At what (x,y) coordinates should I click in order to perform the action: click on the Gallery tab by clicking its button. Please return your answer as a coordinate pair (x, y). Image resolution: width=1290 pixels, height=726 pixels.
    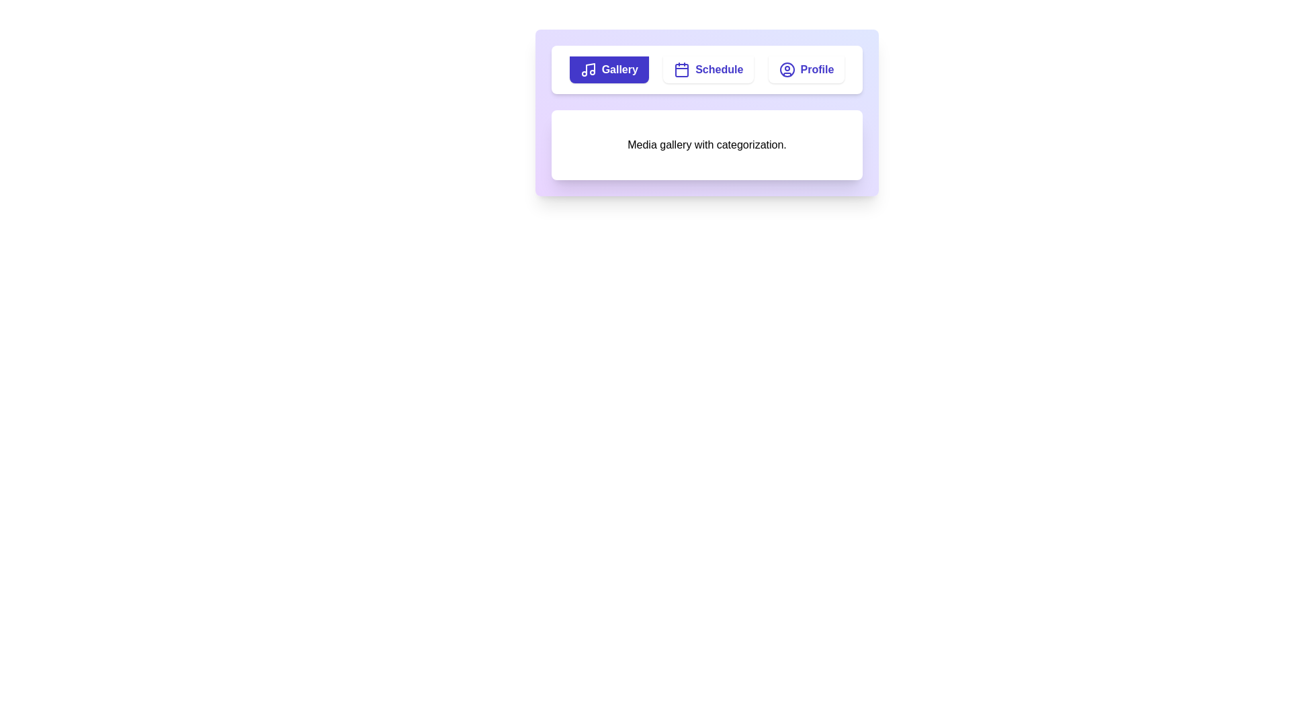
    Looking at the image, I should click on (608, 70).